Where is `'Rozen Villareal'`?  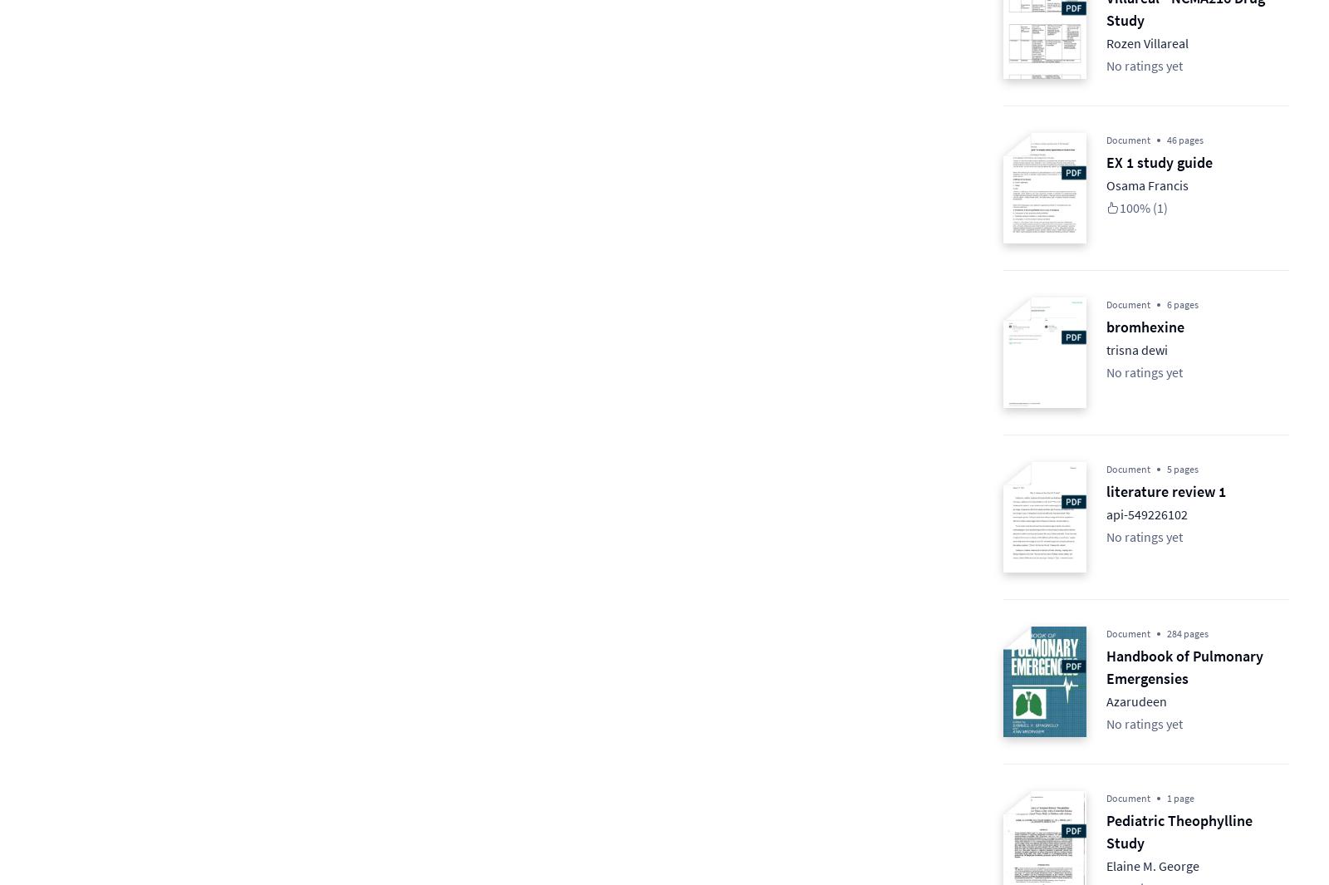
'Rozen Villareal' is located at coordinates (1146, 42).